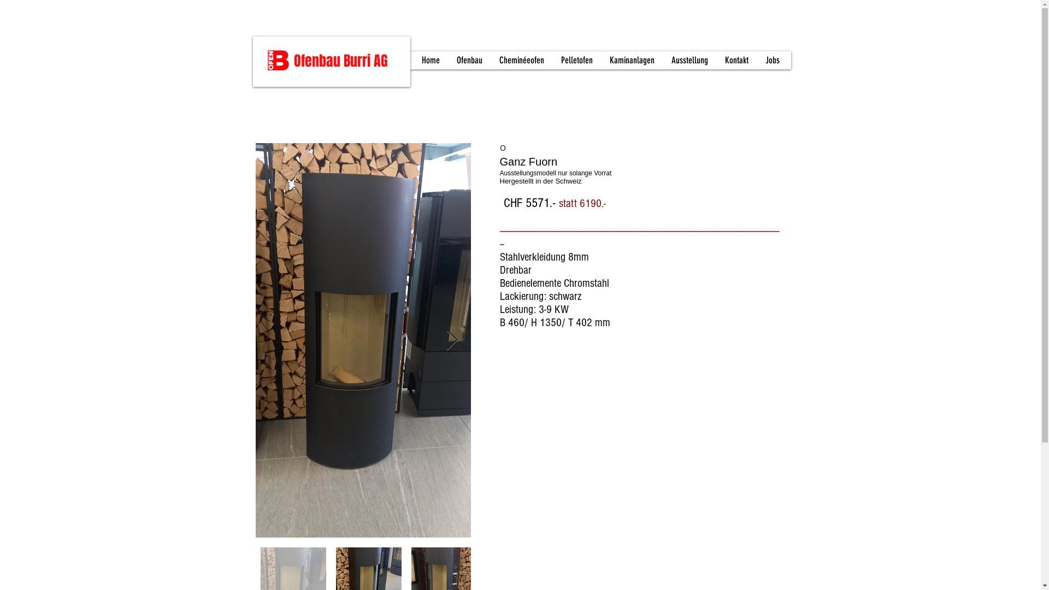  What do you see at coordinates (293, 61) in the screenshot?
I see `'Ofenbau Burri AG'` at bounding box center [293, 61].